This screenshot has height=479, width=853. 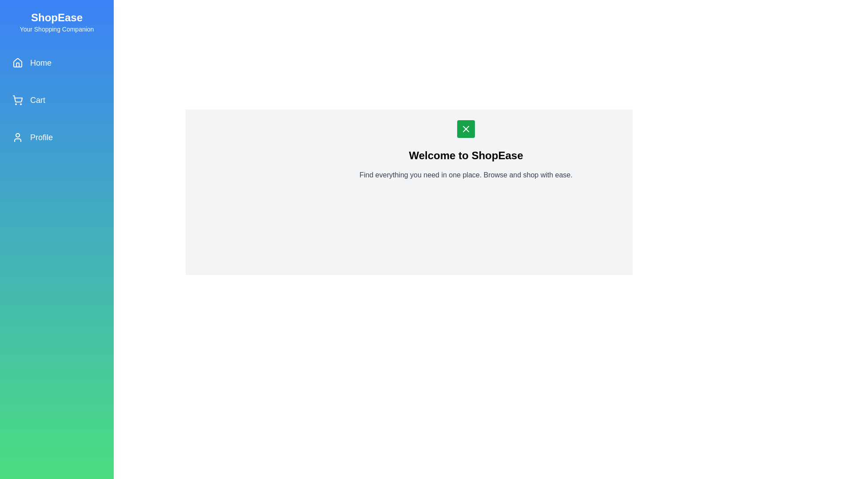 What do you see at coordinates (466, 129) in the screenshot?
I see `the close icon button, which is centered above the heading text 'Welcome to ShopEase' in the main content section` at bounding box center [466, 129].